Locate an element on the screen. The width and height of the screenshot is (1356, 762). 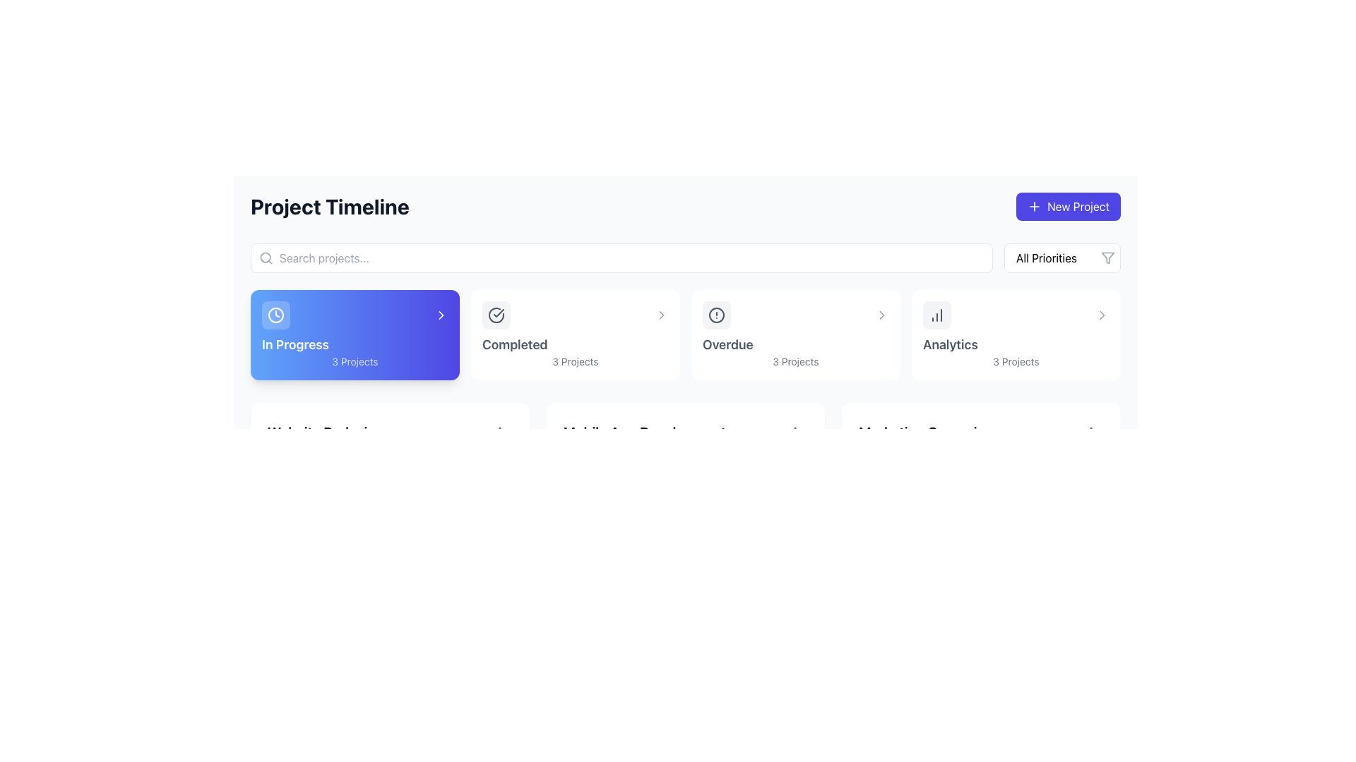
the text label displaying '3 Projects', which is styled in grey and located below the 'Overdue' label within a white card is located at coordinates (796, 361).